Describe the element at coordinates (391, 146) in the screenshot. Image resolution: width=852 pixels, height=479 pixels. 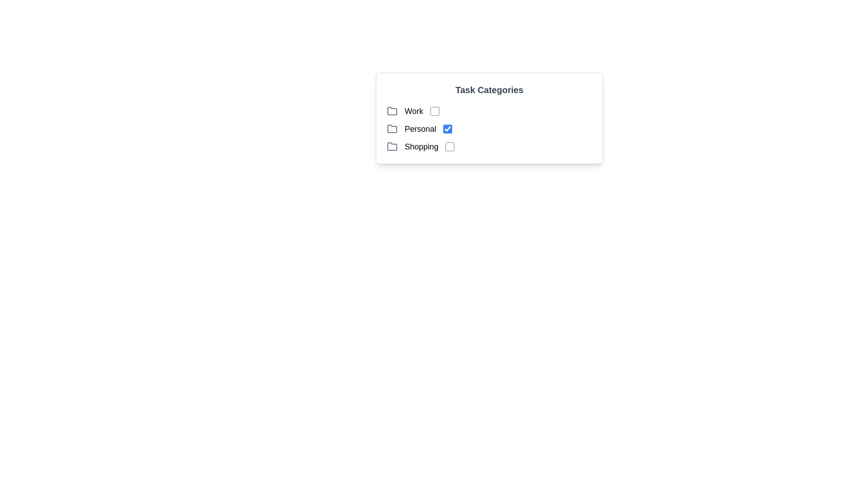
I see `the small gray folder icon with rounded edges, which is positioned near the 'Shopping' text label` at that location.